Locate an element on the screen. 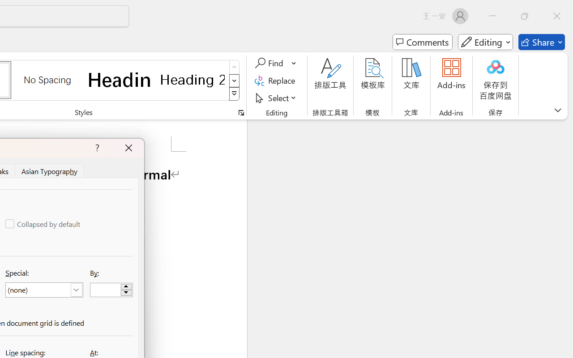 The width and height of the screenshot is (573, 358). 'Mode' is located at coordinates (485, 42).